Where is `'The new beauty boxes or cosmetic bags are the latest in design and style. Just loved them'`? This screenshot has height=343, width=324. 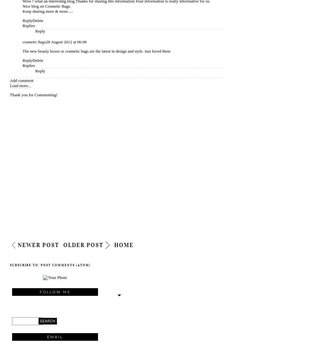
'The new beauty boxes or cosmetic bags are the latest in design and style. Just loved them' is located at coordinates (96, 51).